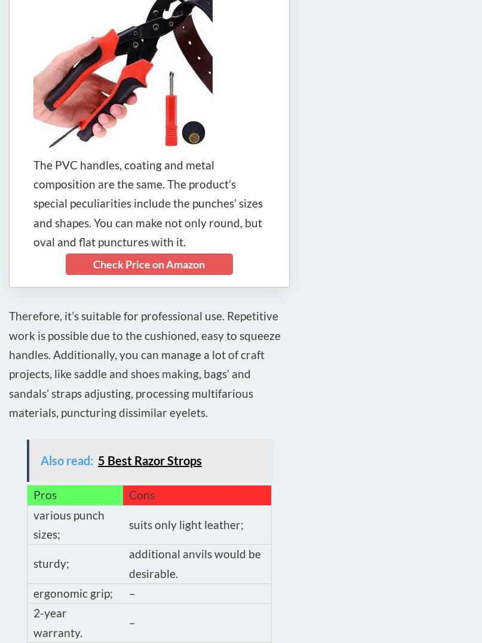  Describe the element at coordinates (142, 494) in the screenshot. I see `'Cons'` at that location.